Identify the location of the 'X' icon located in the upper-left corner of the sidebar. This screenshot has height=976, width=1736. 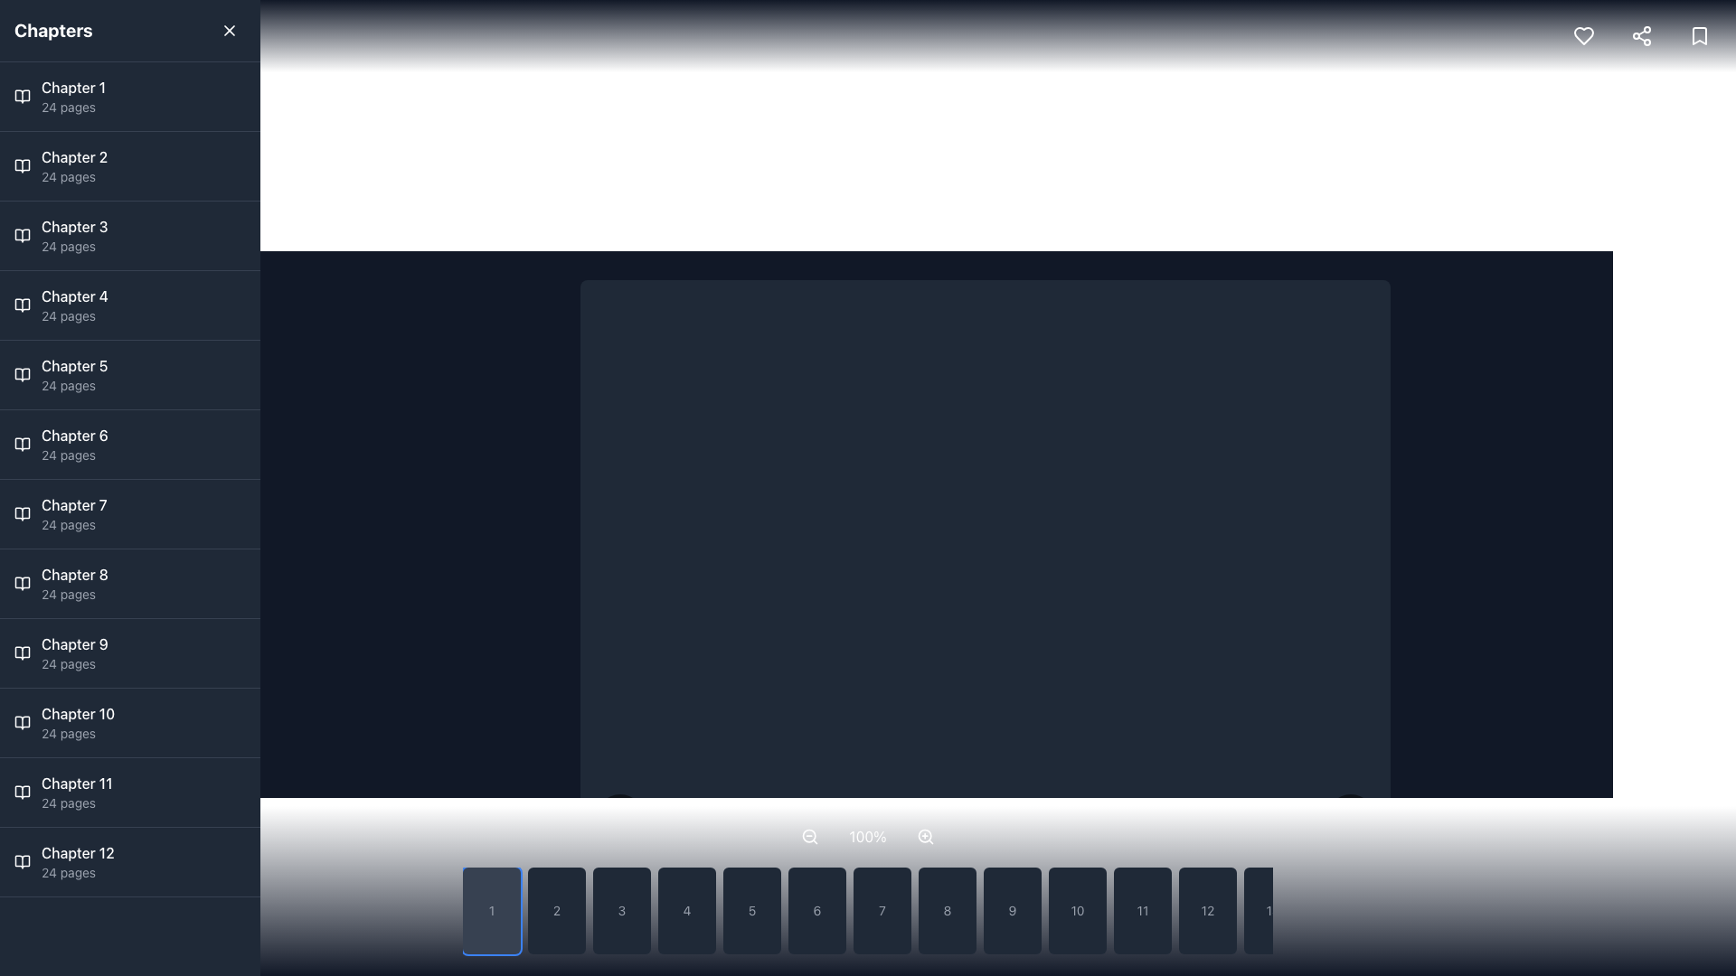
(229, 31).